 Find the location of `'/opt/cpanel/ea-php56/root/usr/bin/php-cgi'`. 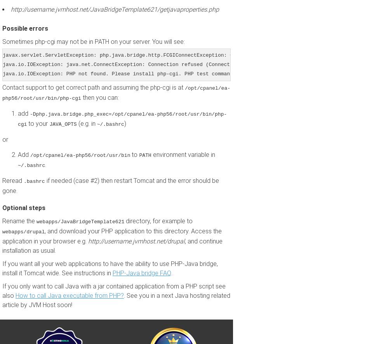

'/opt/cpanel/ea-php56/root/usr/bin/php-cgi' is located at coordinates (116, 93).